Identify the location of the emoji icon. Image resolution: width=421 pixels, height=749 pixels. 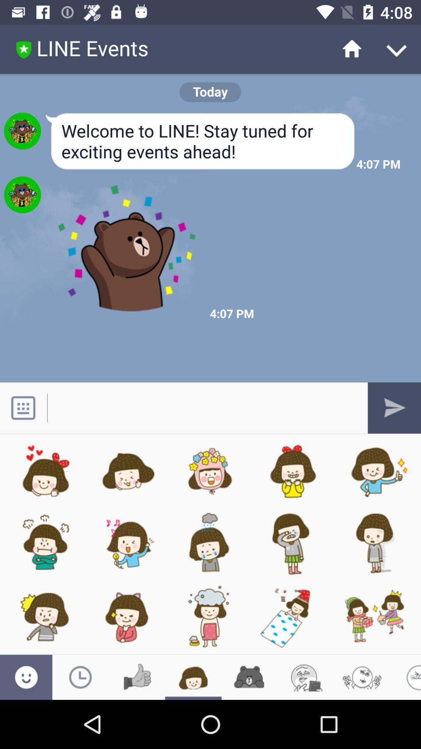
(363, 677).